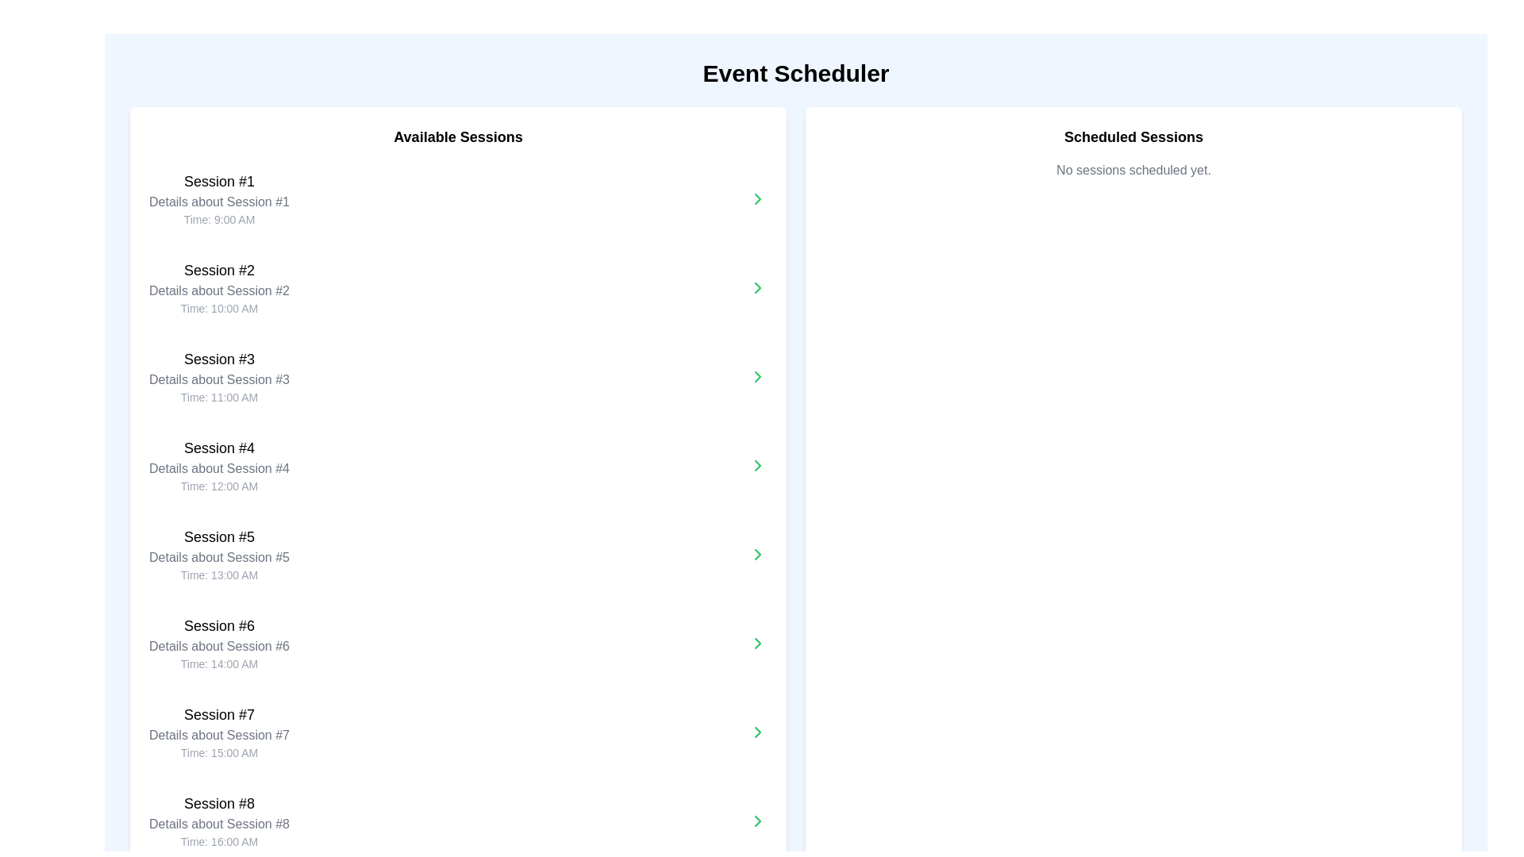 Image resolution: width=1524 pixels, height=857 pixels. What do you see at coordinates (757, 732) in the screenshot?
I see `the chevron icon button on the far right of the 'Session #7' entry` at bounding box center [757, 732].